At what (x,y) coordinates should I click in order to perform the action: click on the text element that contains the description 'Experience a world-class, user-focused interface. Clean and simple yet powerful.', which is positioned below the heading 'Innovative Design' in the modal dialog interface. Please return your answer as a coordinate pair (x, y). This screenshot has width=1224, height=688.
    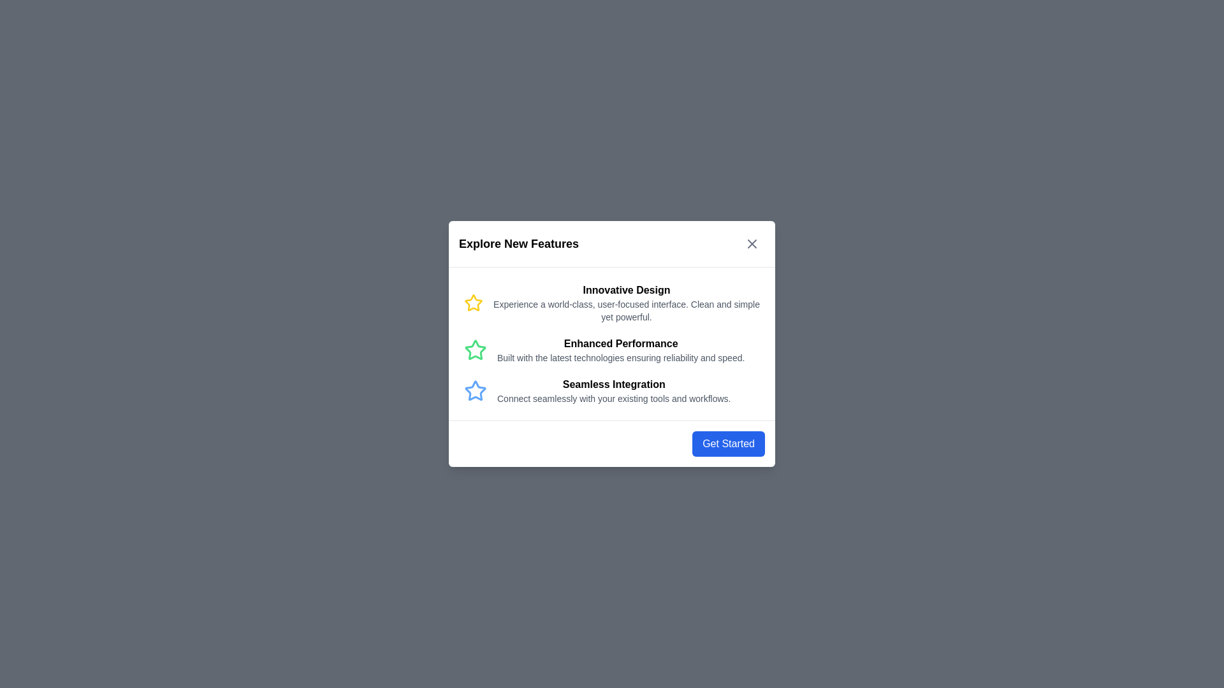
    Looking at the image, I should click on (627, 311).